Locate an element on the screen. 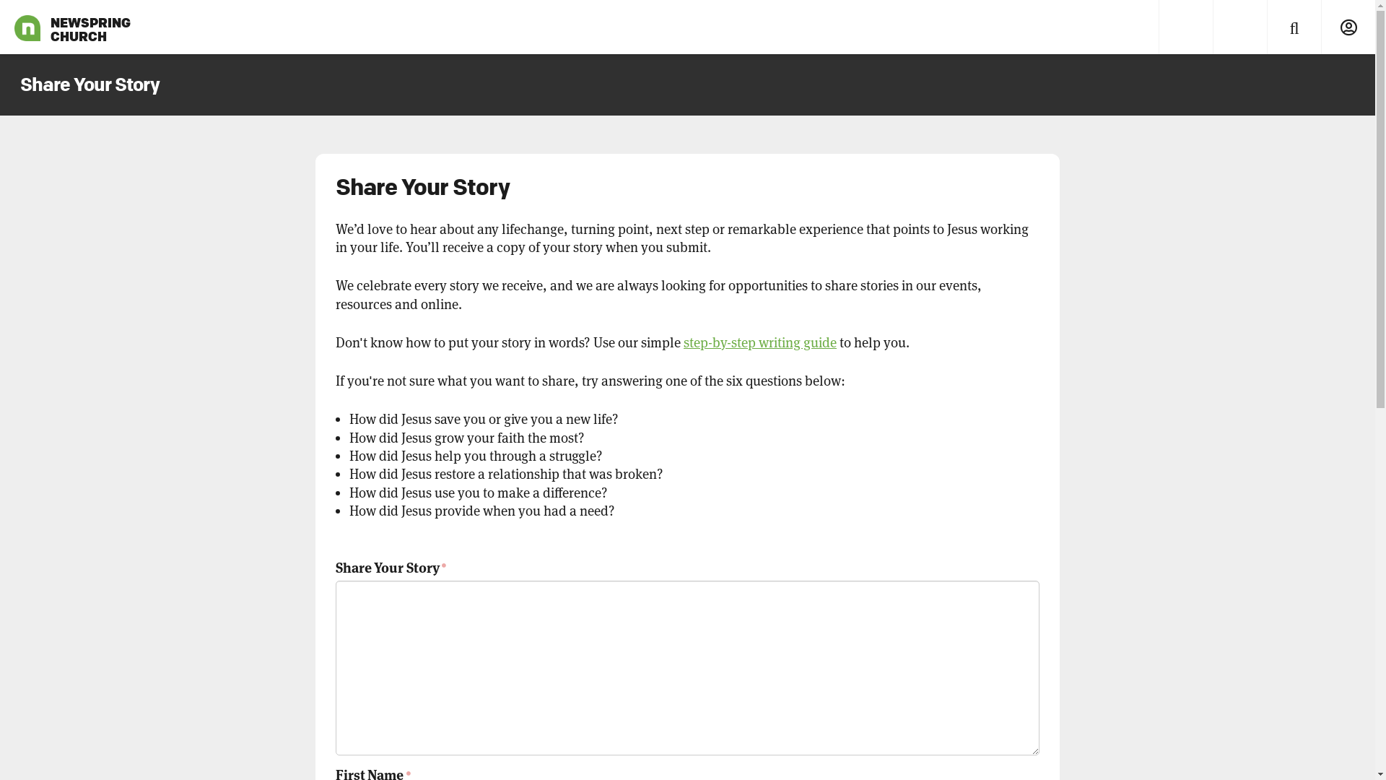 The image size is (1386, 780). 'Search' is located at coordinates (1266, 27).